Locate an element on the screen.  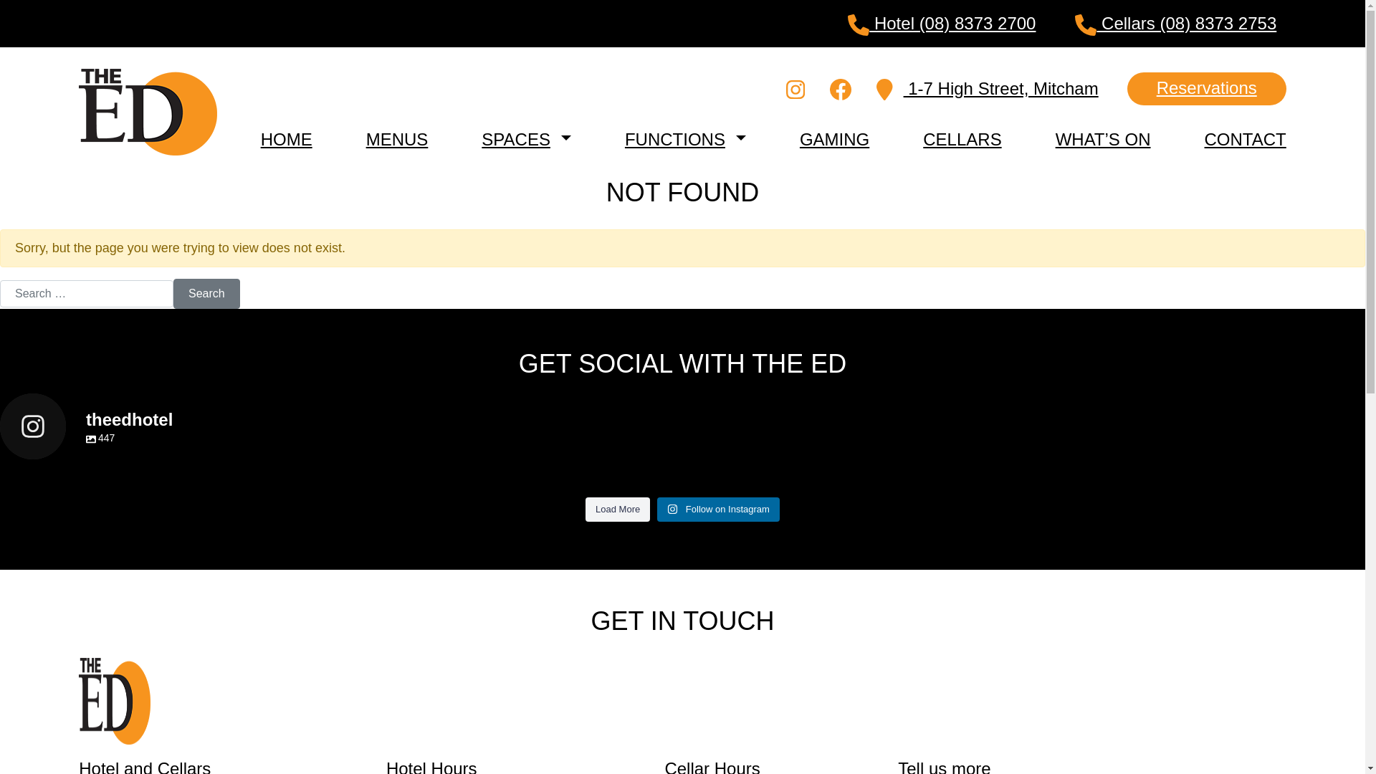
'Follow on Instagram' is located at coordinates (718, 508).